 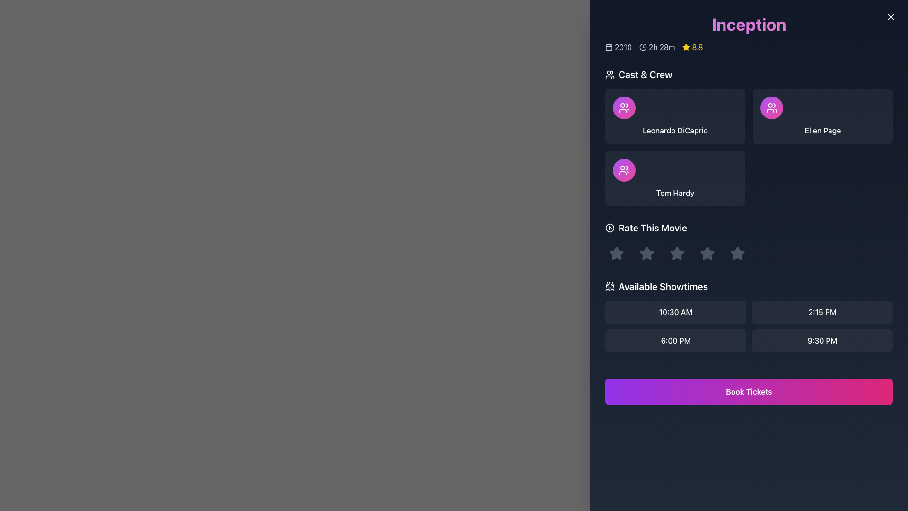 What do you see at coordinates (737, 253) in the screenshot?
I see `the fifth star icon in the 'Rate This Movie' section to rate it` at bounding box center [737, 253].